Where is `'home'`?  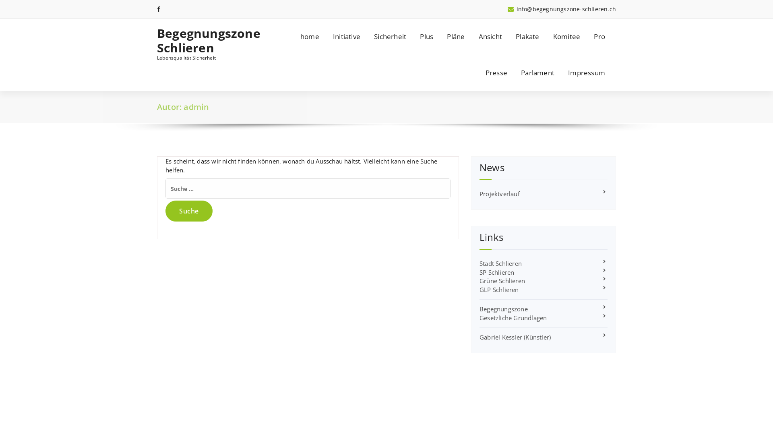
'home' is located at coordinates (309, 37).